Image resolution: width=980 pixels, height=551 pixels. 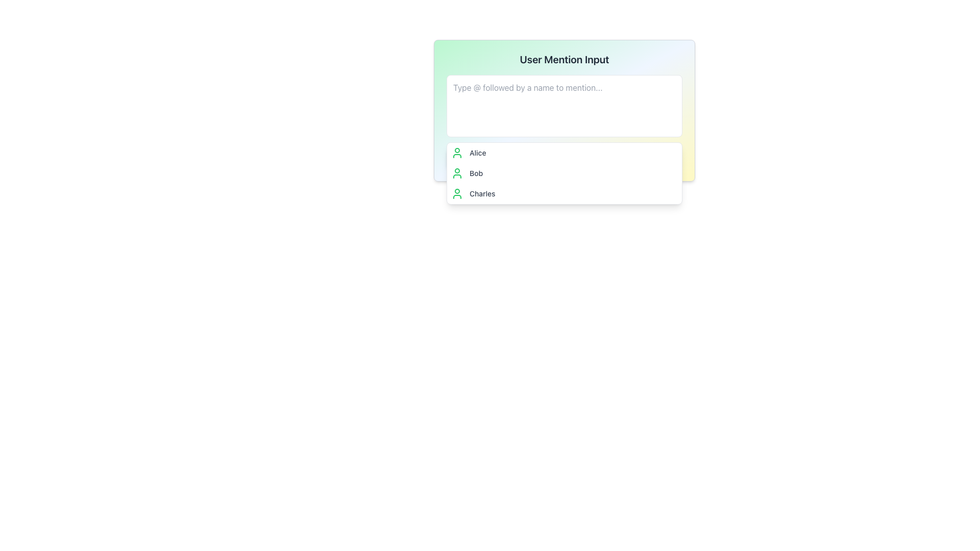 I want to click on the user avatar icon for 'Alice', which is the first left-aligned icon in the list of user mentions, so click(x=457, y=153).